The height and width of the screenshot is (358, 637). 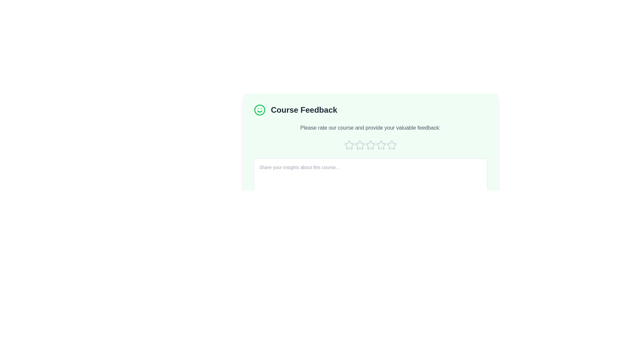 What do you see at coordinates (381, 145) in the screenshot?
I see `the fourth star-shaped rating icon, which is unfilled and outlined in soft gray, located below the text 'Please rate our course and provide your valuable feedback.'` at bounding box center [381, 145].